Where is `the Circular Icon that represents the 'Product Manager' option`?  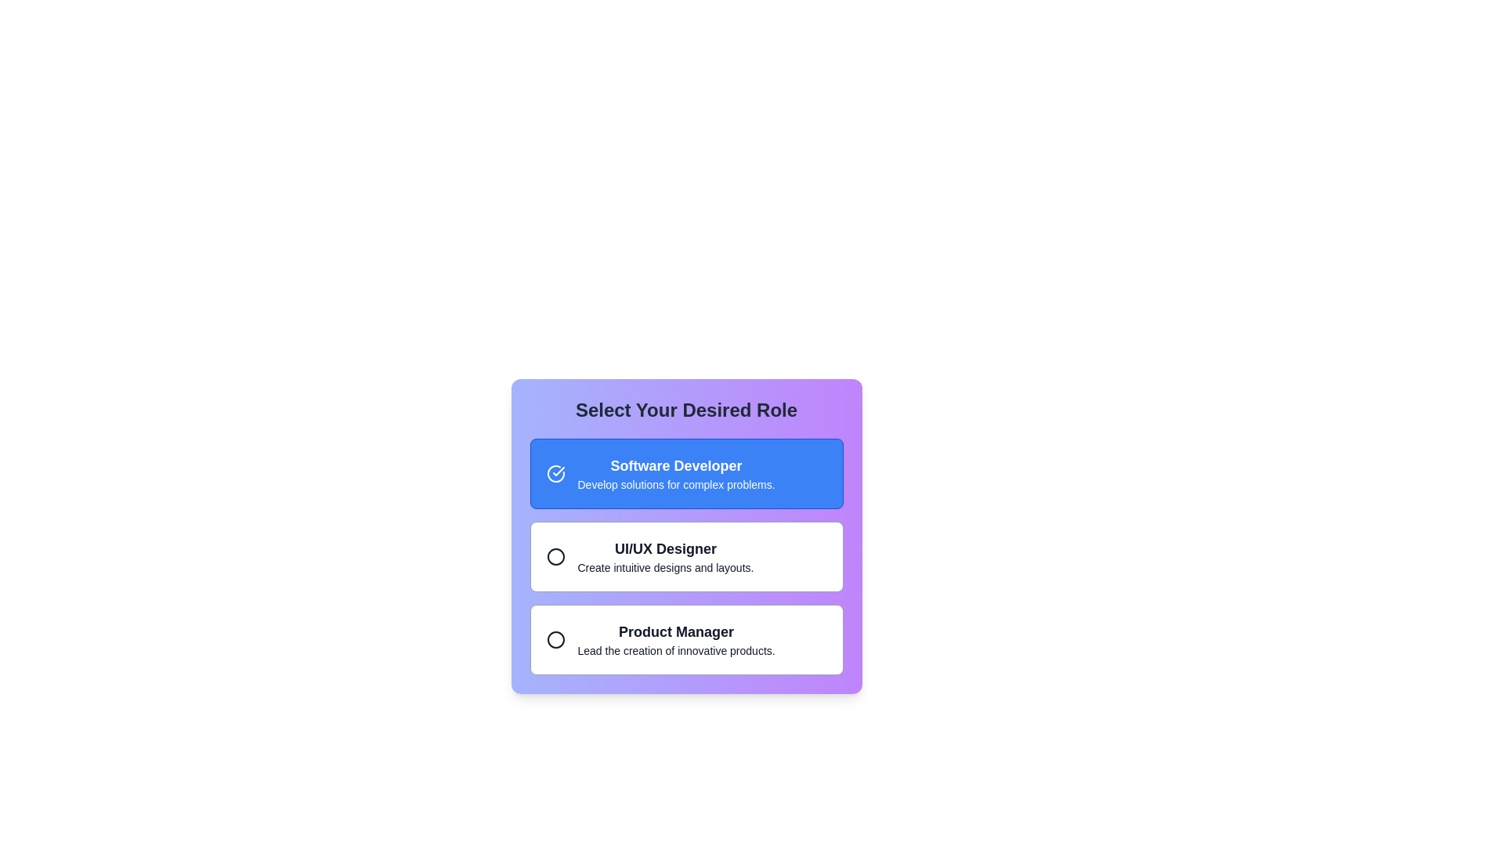
the Circular Icon that represents the 'Product Manager' option is located at coordinates (555, 640).